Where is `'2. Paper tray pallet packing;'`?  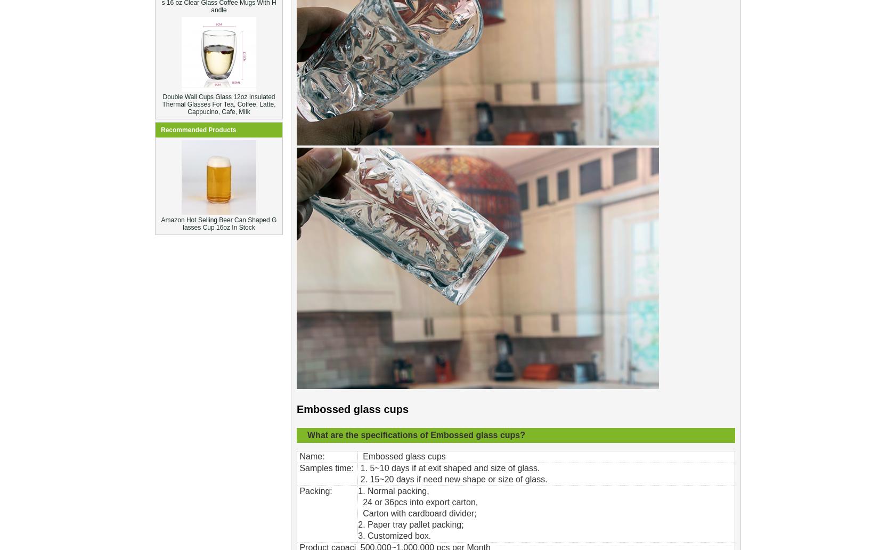 '2. Paper tray pallet packing;' is located at coordinates (357, 524).